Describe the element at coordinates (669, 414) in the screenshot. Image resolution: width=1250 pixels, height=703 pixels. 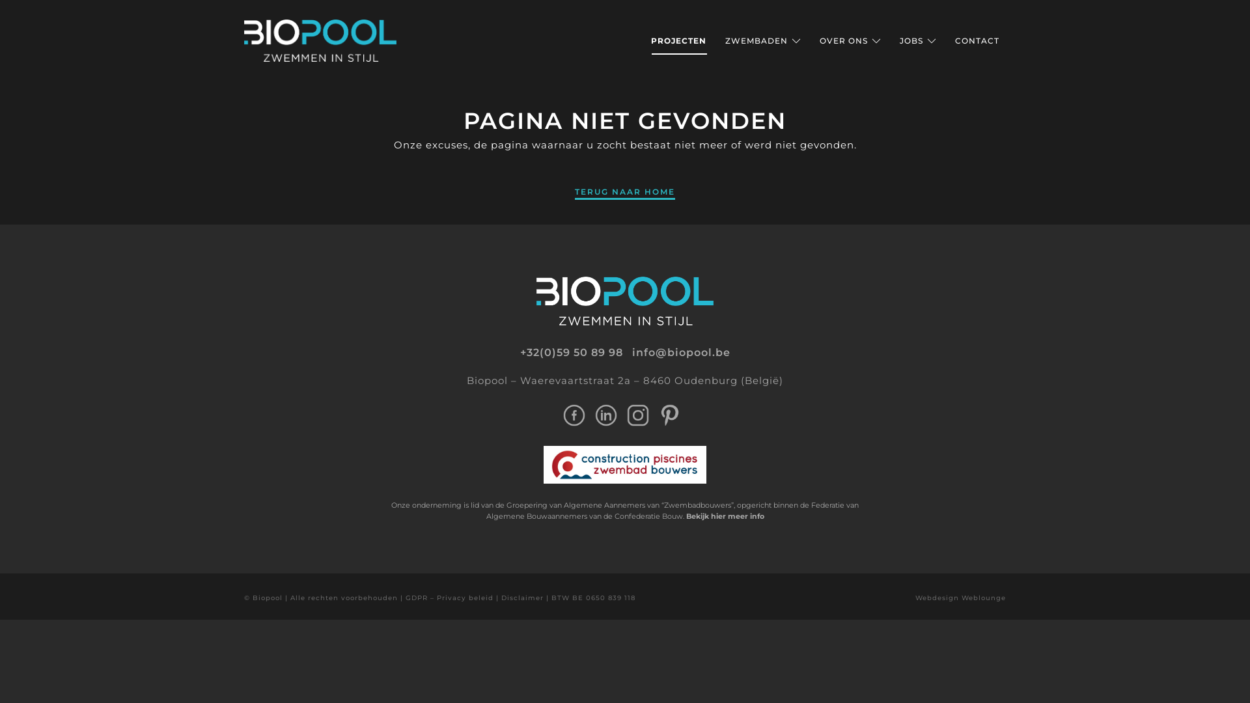
I see `'Volg Biopool op Pinterest'` at that location.